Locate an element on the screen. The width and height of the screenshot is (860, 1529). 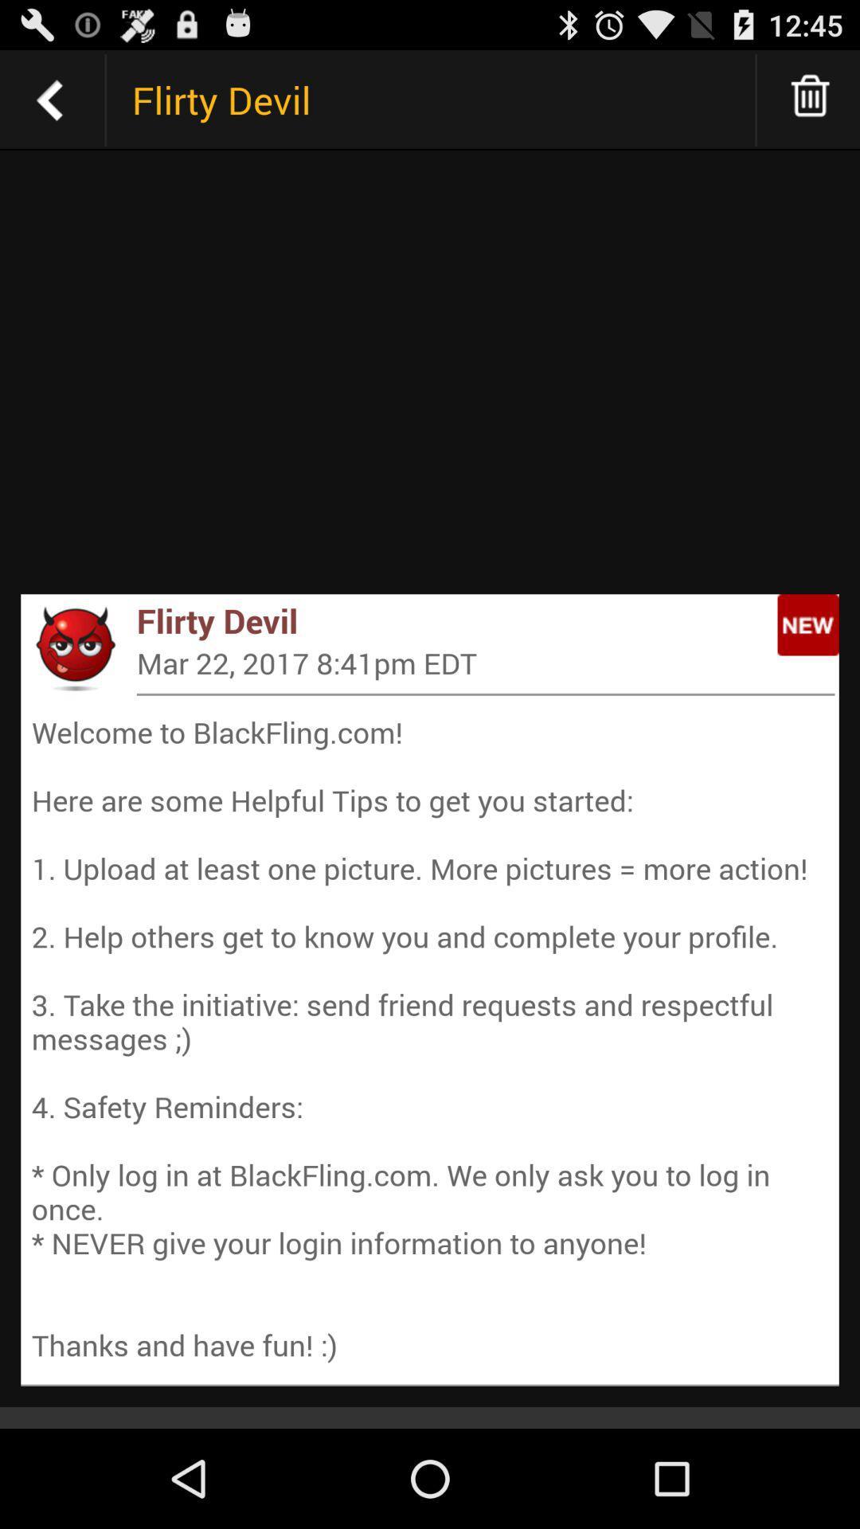
the icon on the left is located at coordinates (74, 647).